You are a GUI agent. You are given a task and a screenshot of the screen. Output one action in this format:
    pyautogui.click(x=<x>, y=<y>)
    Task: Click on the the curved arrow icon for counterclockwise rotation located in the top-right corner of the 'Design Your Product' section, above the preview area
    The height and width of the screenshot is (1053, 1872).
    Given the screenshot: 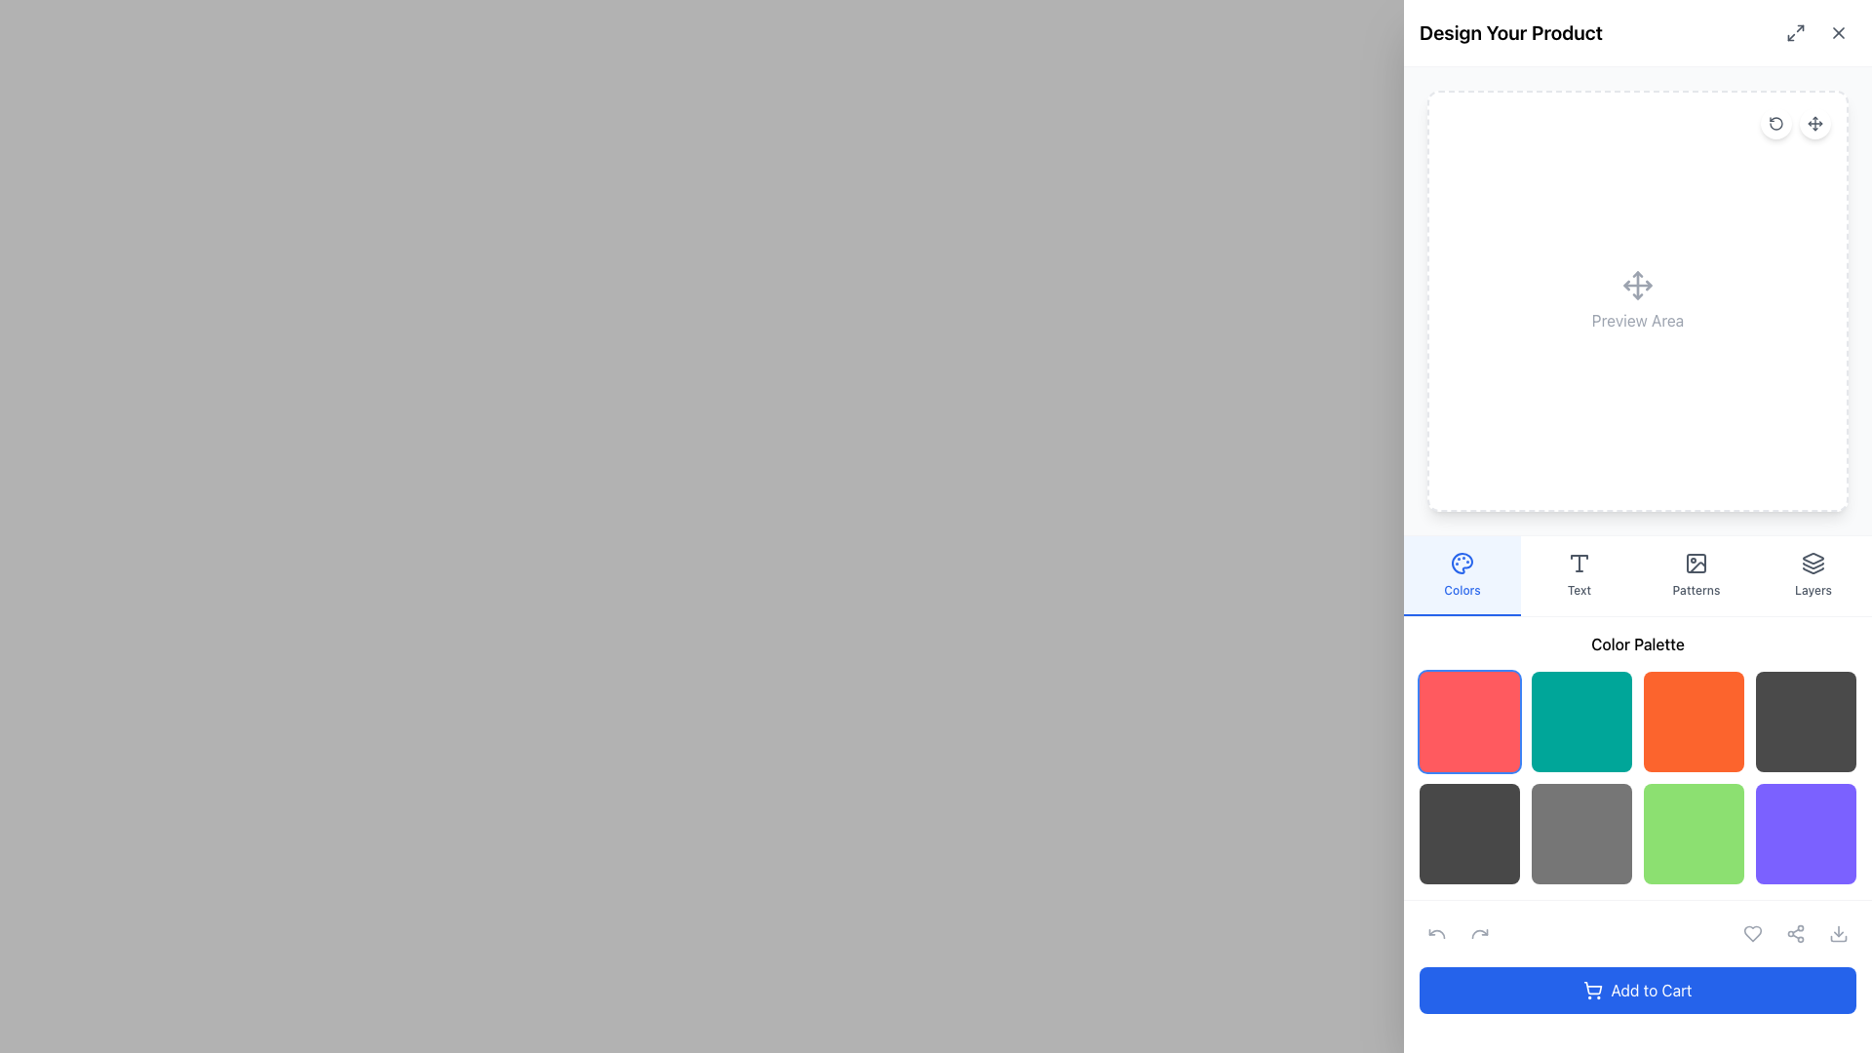 What is the action you would take?
    pyautogui.click(x=1776, y=124)
    